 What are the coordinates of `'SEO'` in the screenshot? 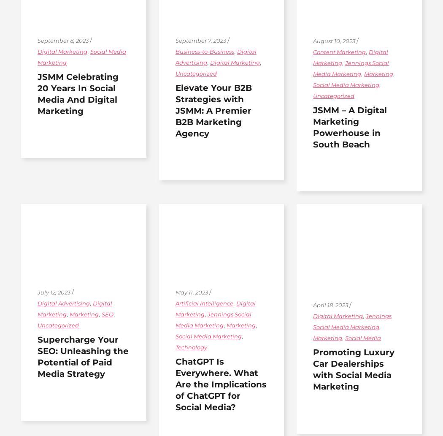 It's located at (101, 313).